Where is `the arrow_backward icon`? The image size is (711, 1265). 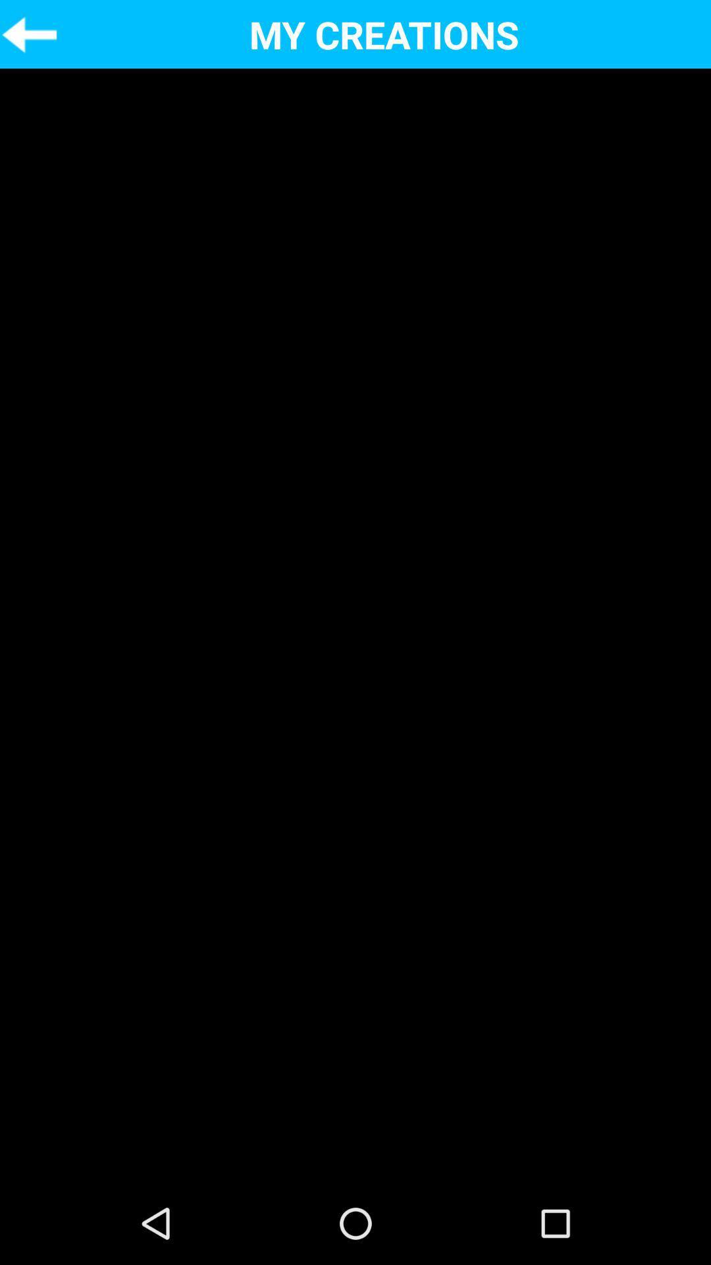 the arrow_backward icon is located at coordinates (28, 36).